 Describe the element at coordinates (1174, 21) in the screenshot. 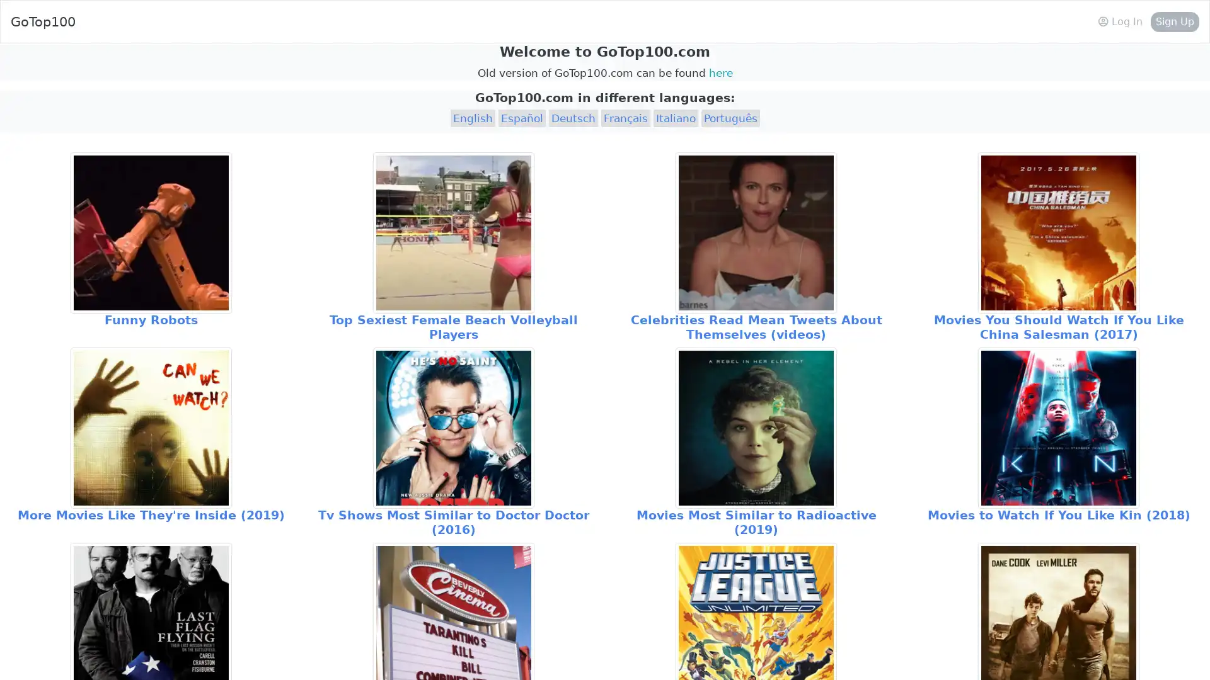

I see `Sign Up` at that location.